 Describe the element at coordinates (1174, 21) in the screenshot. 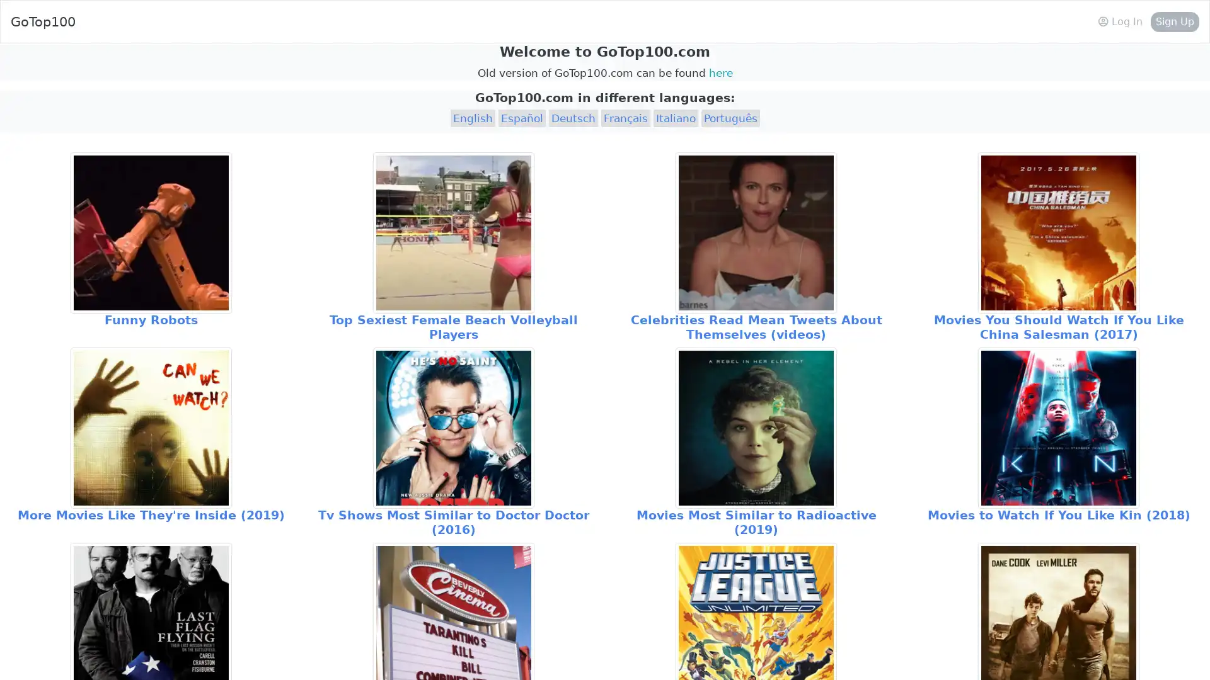

I see `Sign Up` at that location.